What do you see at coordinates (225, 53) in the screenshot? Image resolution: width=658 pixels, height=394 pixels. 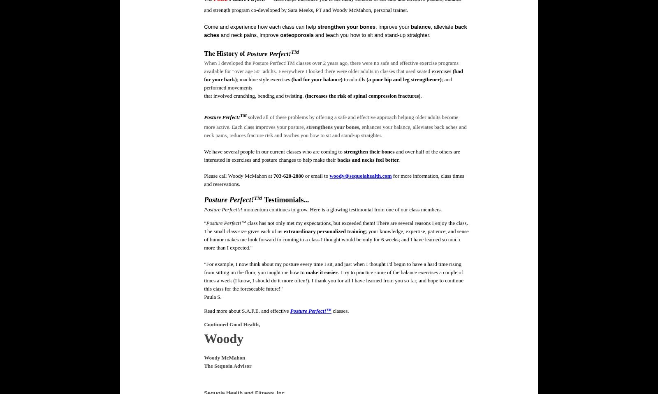 I see `'The History of'` at bounding box center [225, 53].